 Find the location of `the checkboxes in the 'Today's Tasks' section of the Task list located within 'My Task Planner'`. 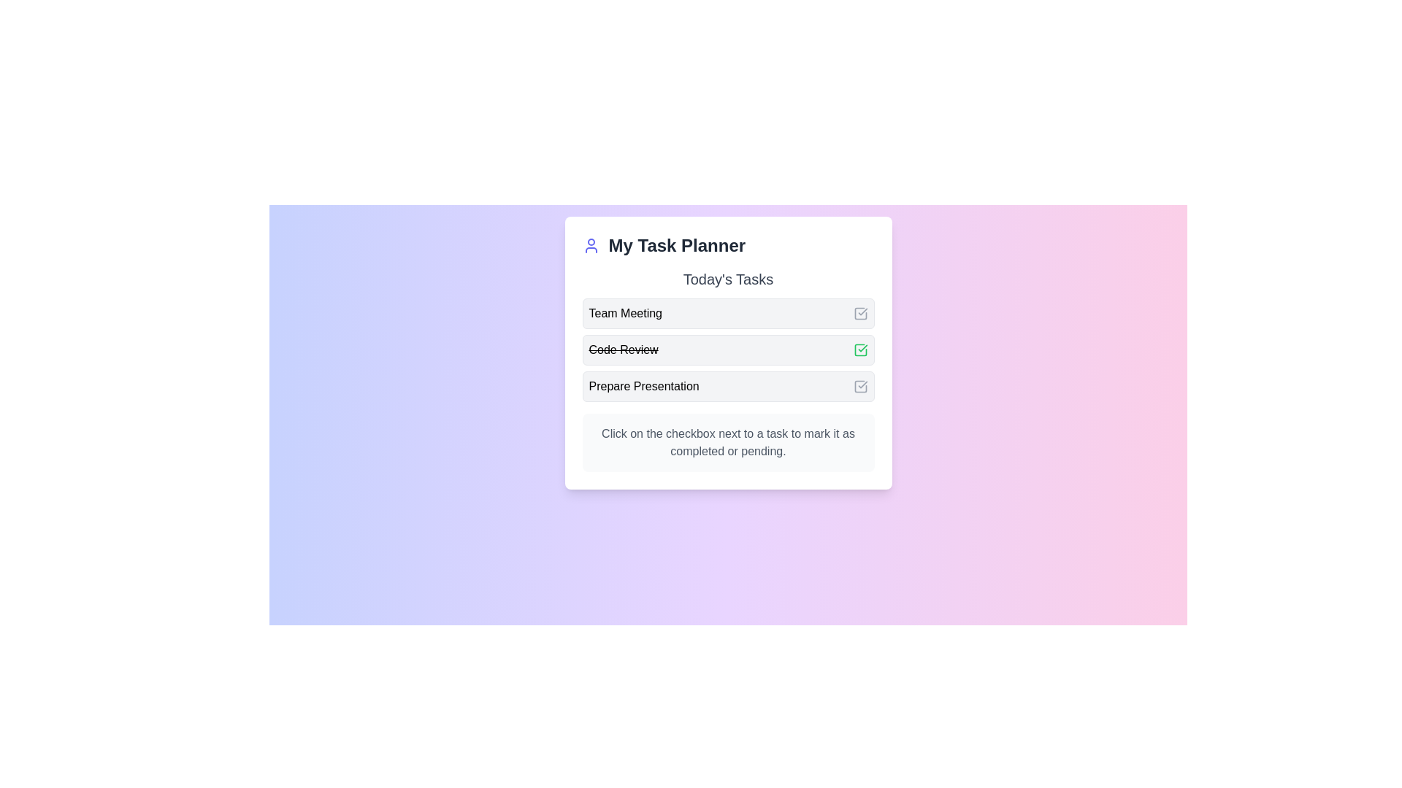

the checkboxes in the 'Today's Tasks' section of the Task list located within 'My Task Planner' is located at coordinates (728, 335).